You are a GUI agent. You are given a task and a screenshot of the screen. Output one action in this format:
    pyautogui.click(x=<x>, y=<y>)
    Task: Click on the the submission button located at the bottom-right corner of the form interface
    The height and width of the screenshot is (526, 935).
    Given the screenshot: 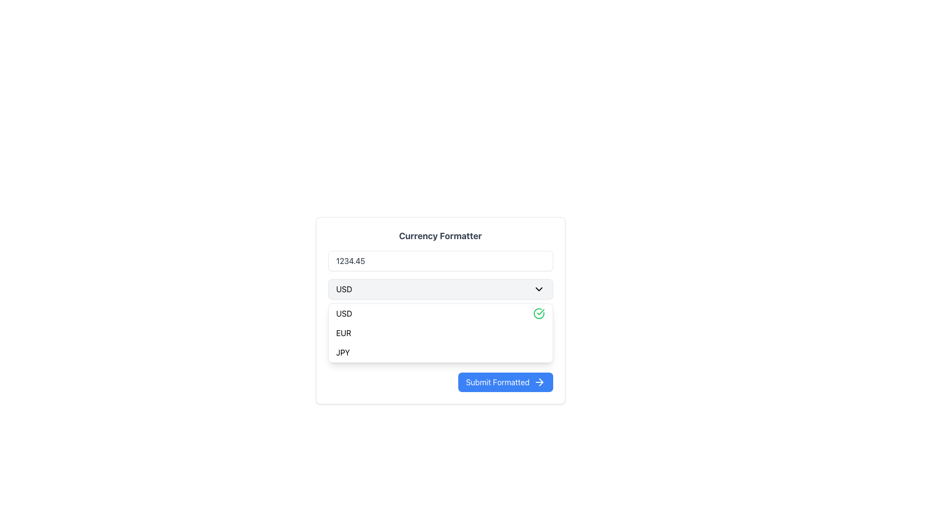 What is the action you would take?
    pyautogui.click(x=505, y=382)
    